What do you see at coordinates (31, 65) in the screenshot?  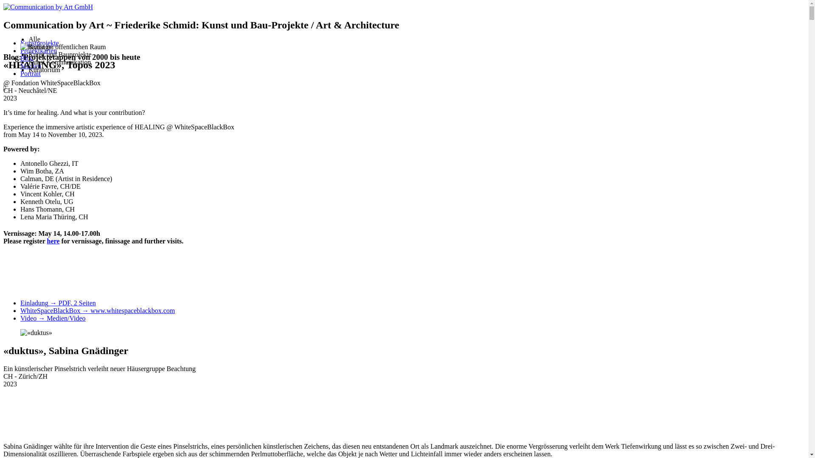 I see `'Medien'` at bounding box center [31, 65].